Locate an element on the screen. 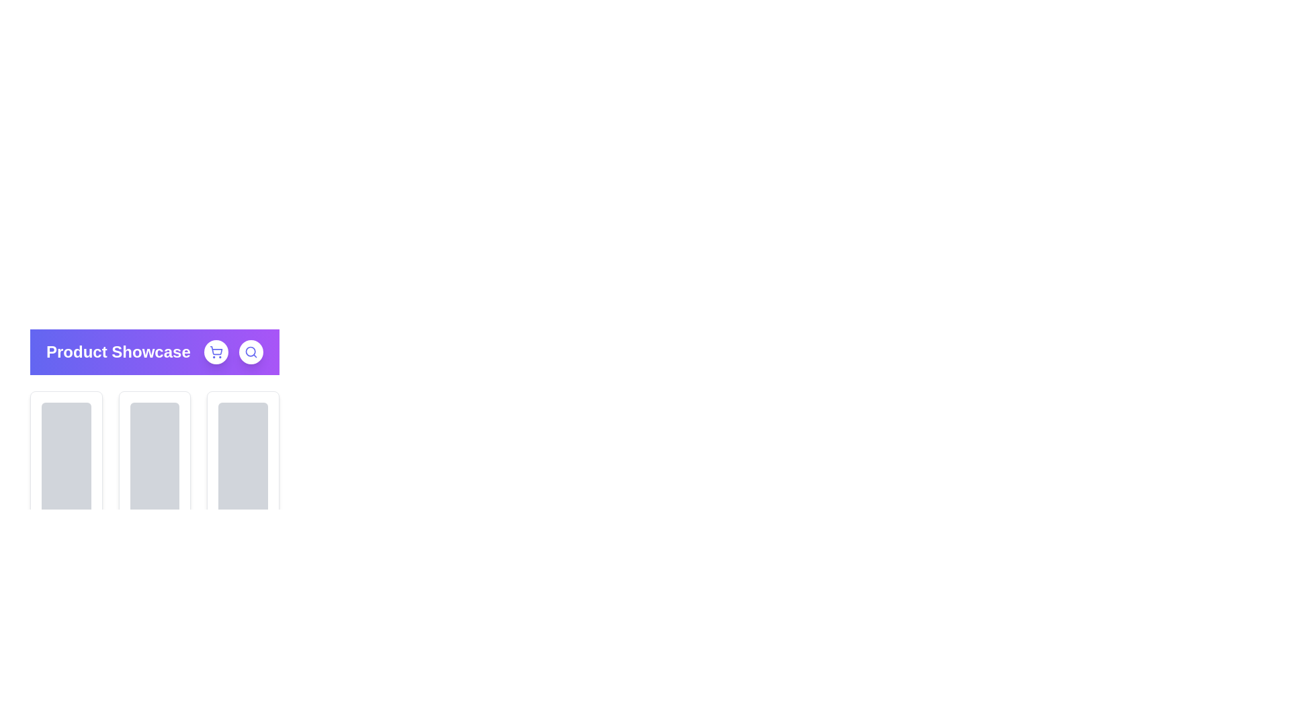  the shopping cart icon button located in the header section, positioned to the right of the 'Product Showcase' label and to the left of the search icon is located at coordinates (216, 352).